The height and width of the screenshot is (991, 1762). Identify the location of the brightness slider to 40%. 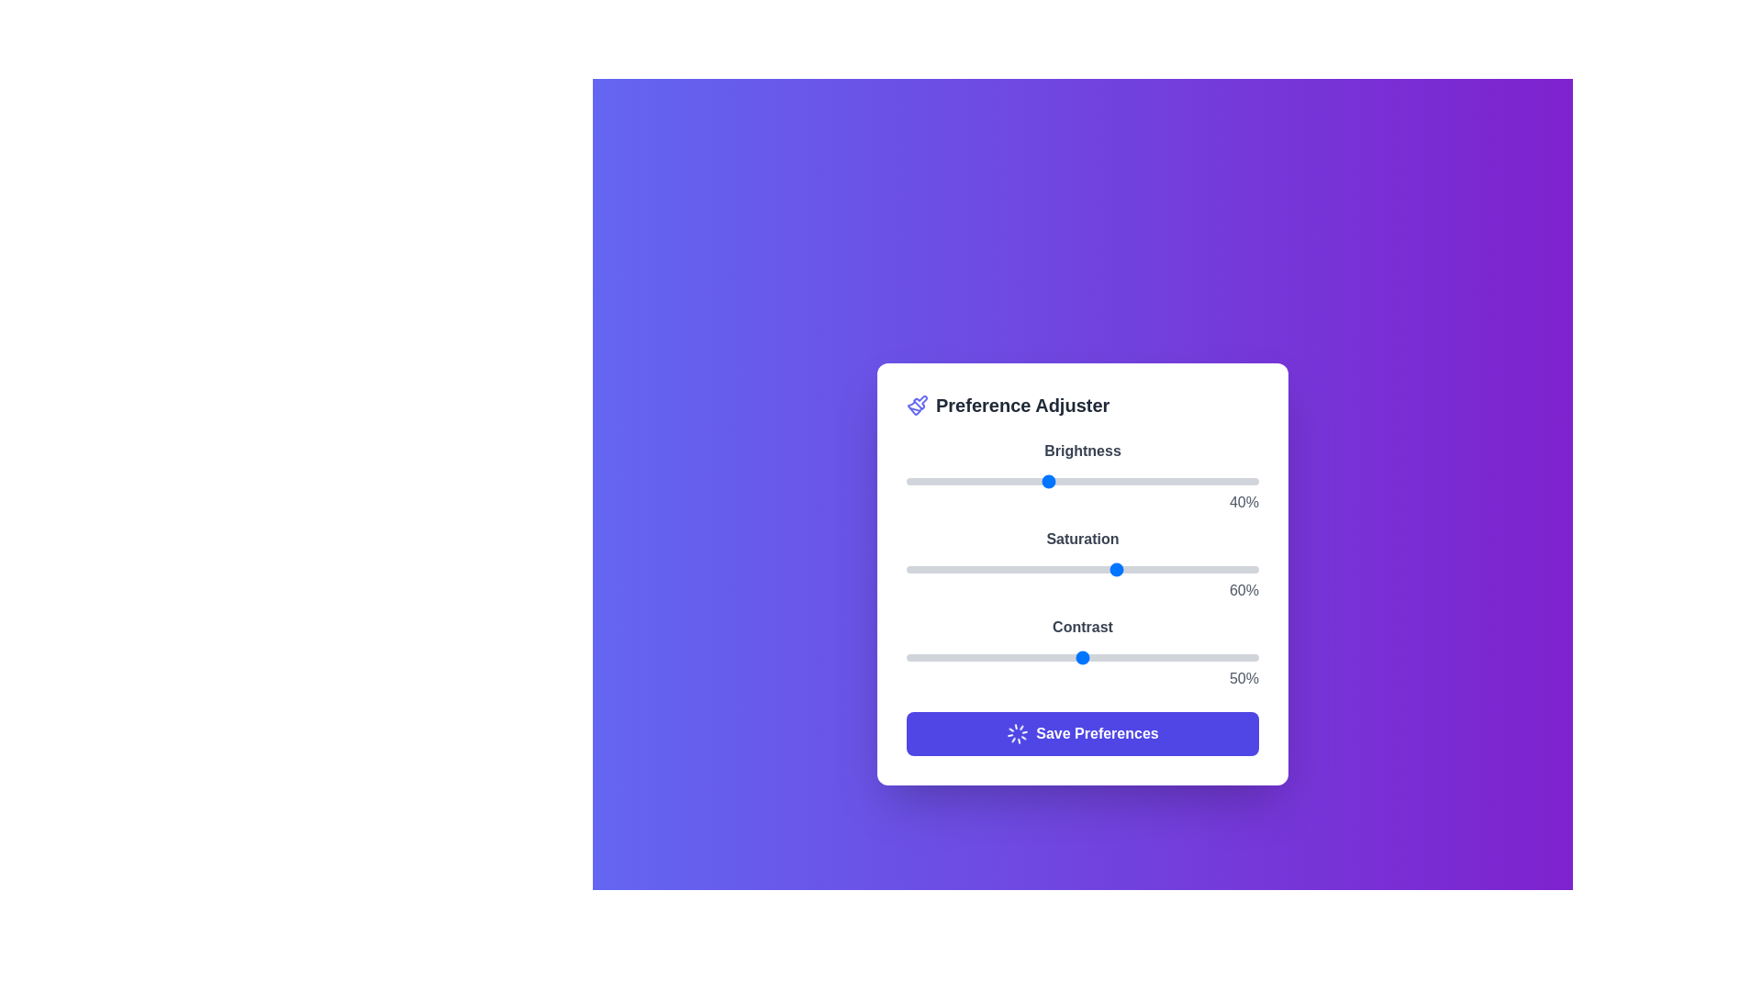
(1047, 480).